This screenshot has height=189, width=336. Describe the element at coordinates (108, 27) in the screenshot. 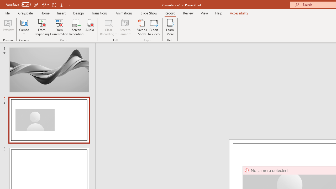

I see `'Clear Recording'` at that location.